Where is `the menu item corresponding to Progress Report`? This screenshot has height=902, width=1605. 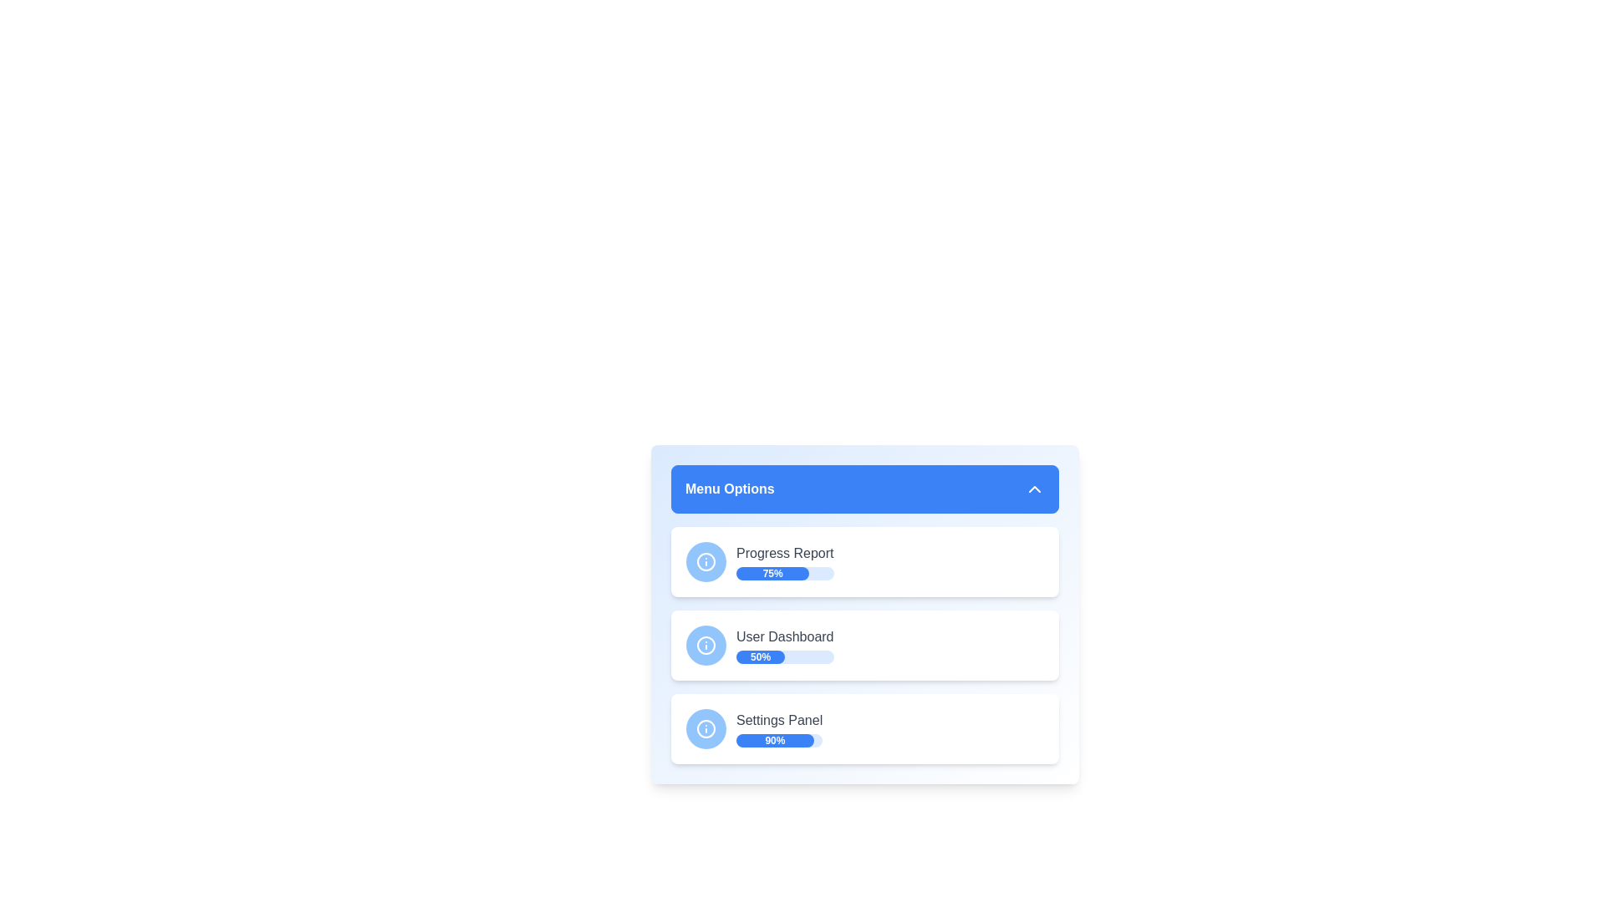
the menu item corresponding to Progress Report is located at coordinates (865, 561).